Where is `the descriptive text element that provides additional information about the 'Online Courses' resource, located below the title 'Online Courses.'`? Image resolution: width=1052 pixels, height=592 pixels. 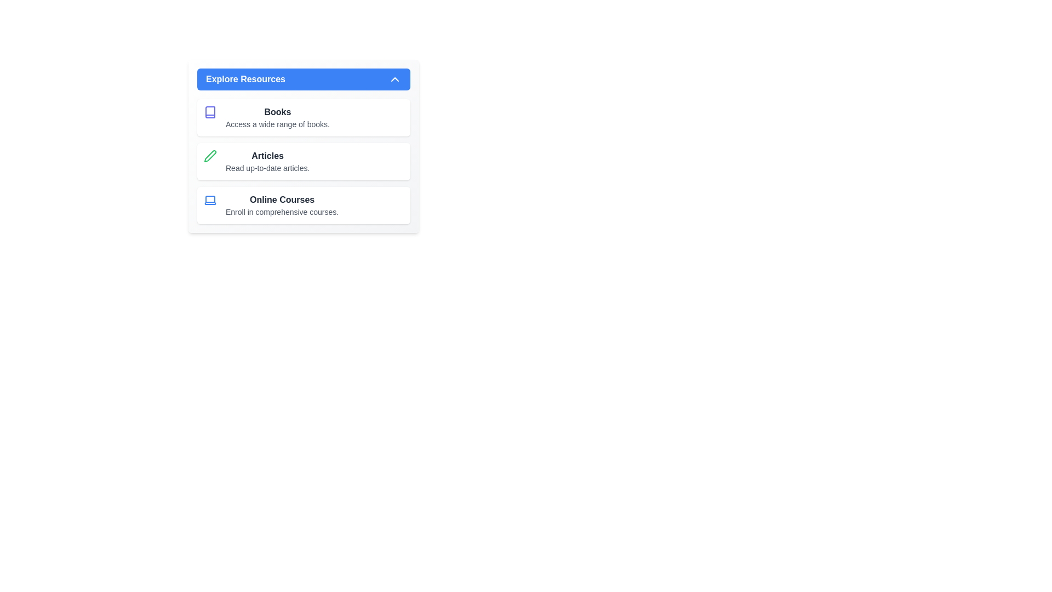 the descriptive text element that provides additional information about the 'Online Courses' resource, located below the title 'Online Courses.' is located at coordinates (282, 212).